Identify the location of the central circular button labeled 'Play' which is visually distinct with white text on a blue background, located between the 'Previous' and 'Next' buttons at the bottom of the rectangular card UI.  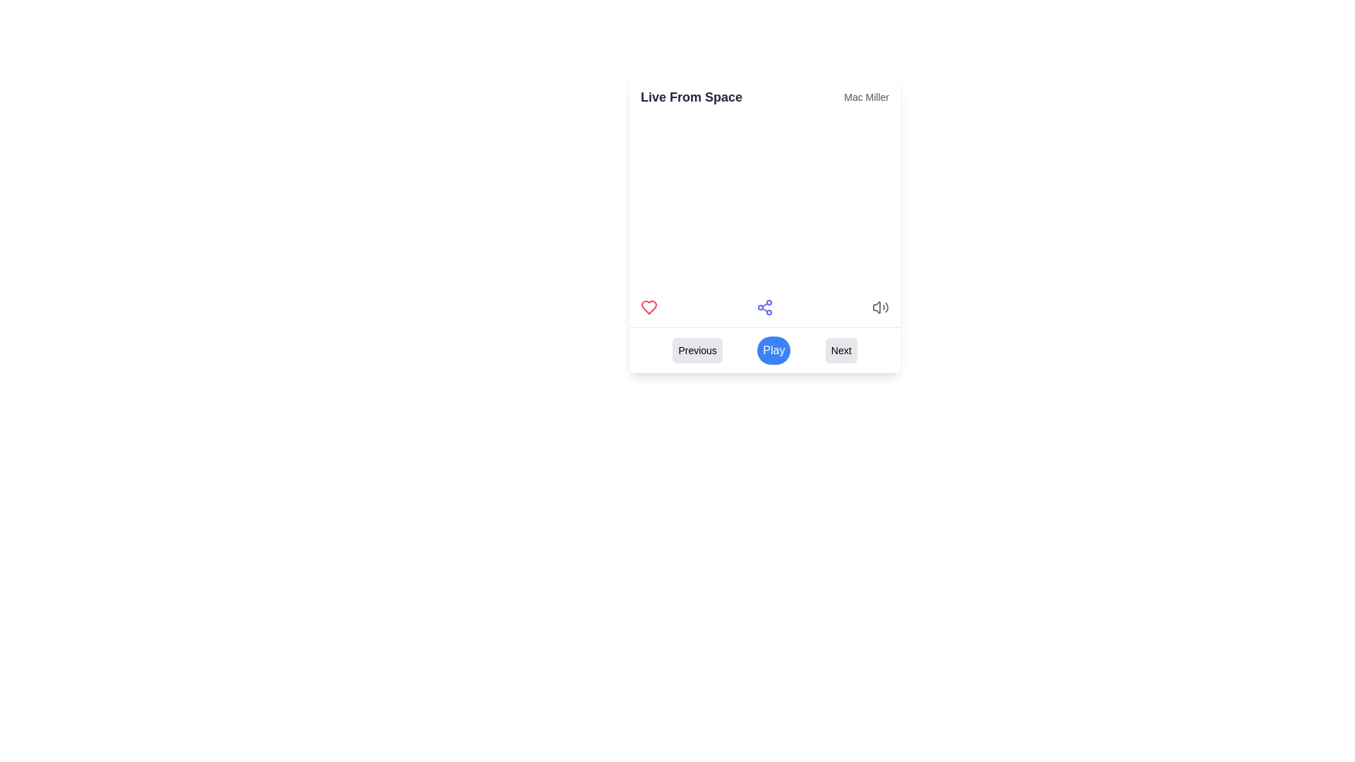
(764, 349).